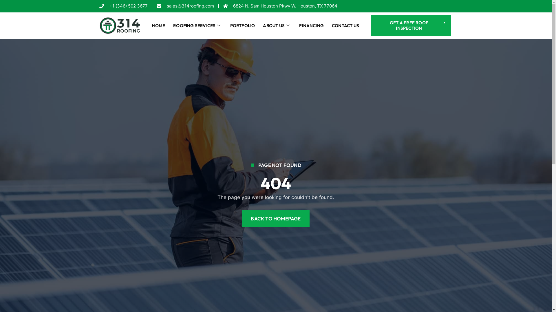 This screenshot has width=556, height=312. What do you see at coordinates (184, 6) in the screenshot?
I see `'sales@314roofing.com'` at bounding box center [184, 6].